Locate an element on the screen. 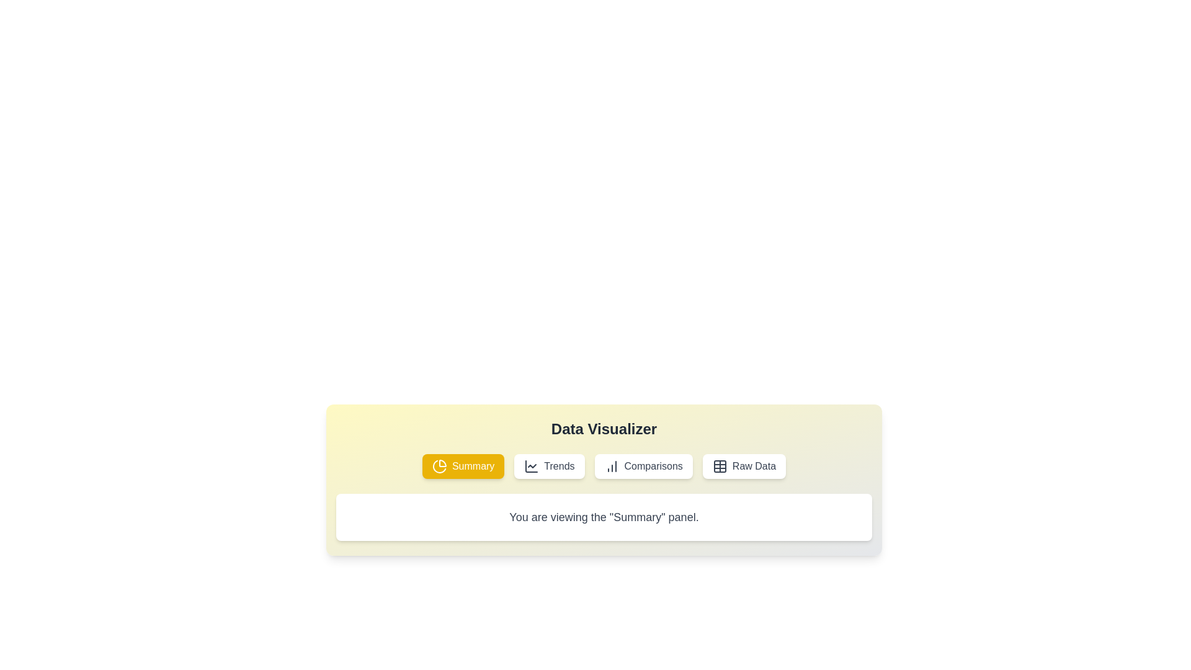 The image size is (1191, 670). the horizontal navigation bar located below the 'Data Visualizer' heading to observe UI feedback is located at coordinates (604, 467).